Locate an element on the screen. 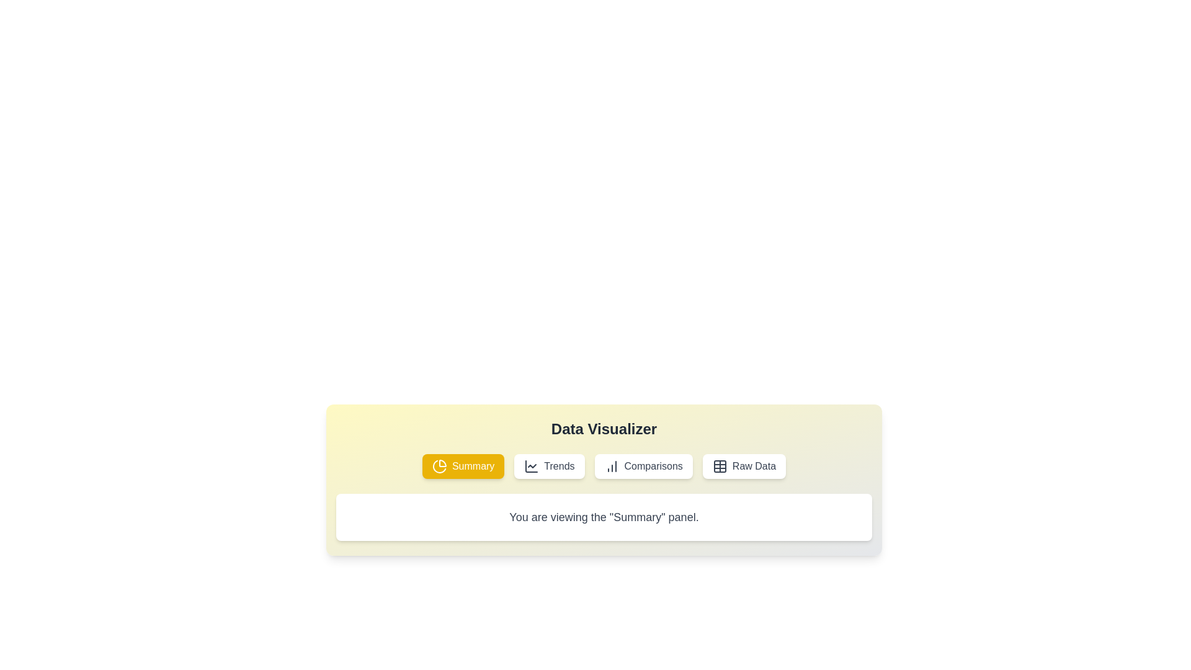 The image size is (1191, 670). the horizontal navigation bar located below the 'Data Visualizer' heading to observe UI feedback is located at coordinates (604, 467).